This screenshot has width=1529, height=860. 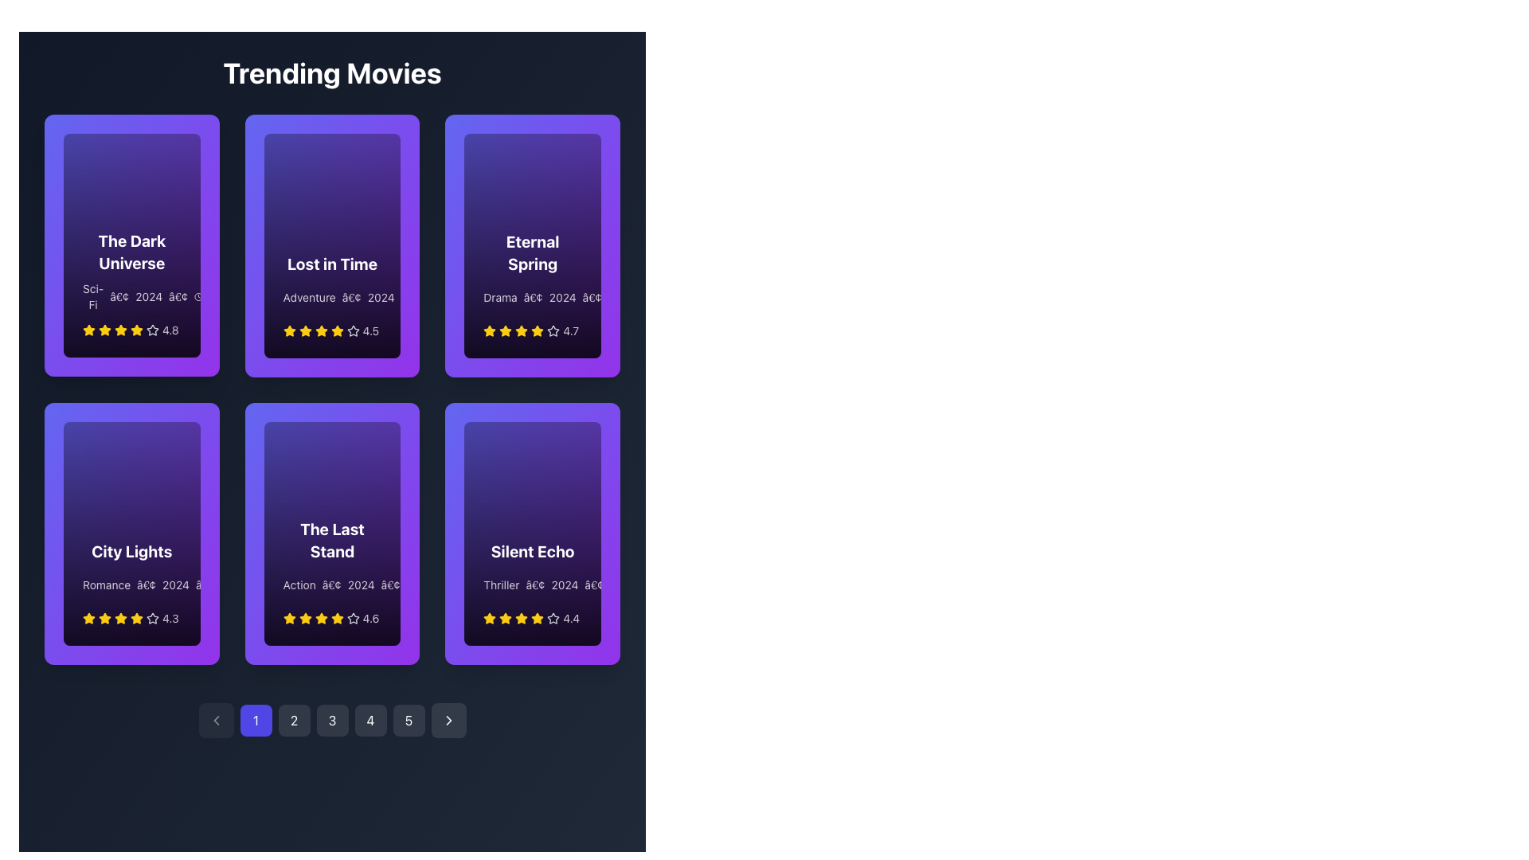 I want to click on the 'Lost in Time' text on the movie card, so click(x=331, y=295).